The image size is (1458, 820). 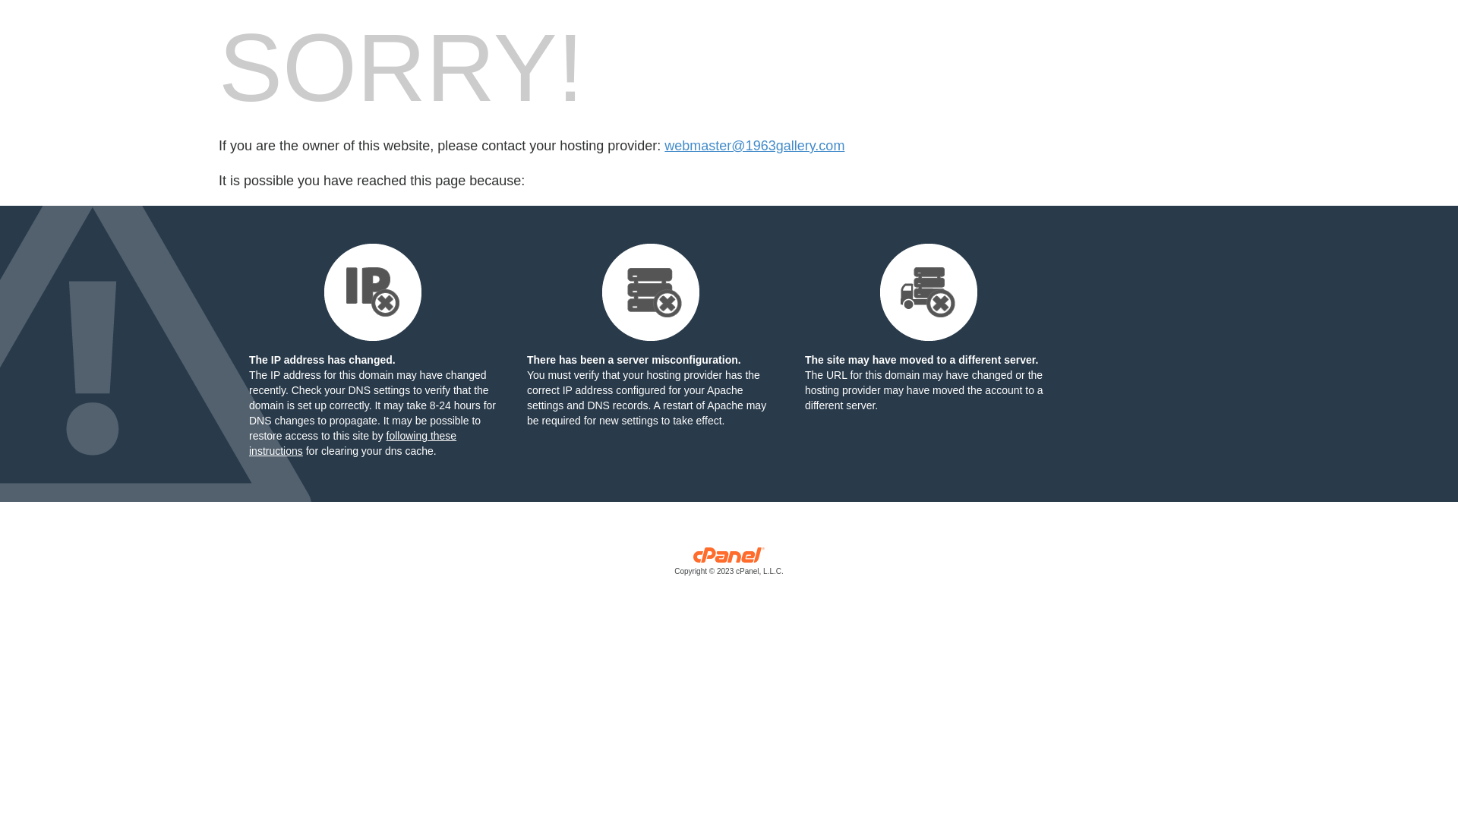 What do you see at coordinates (352, 443) in the screenshot?
I see `'following these instructions'` at bounding box center [352, 443].